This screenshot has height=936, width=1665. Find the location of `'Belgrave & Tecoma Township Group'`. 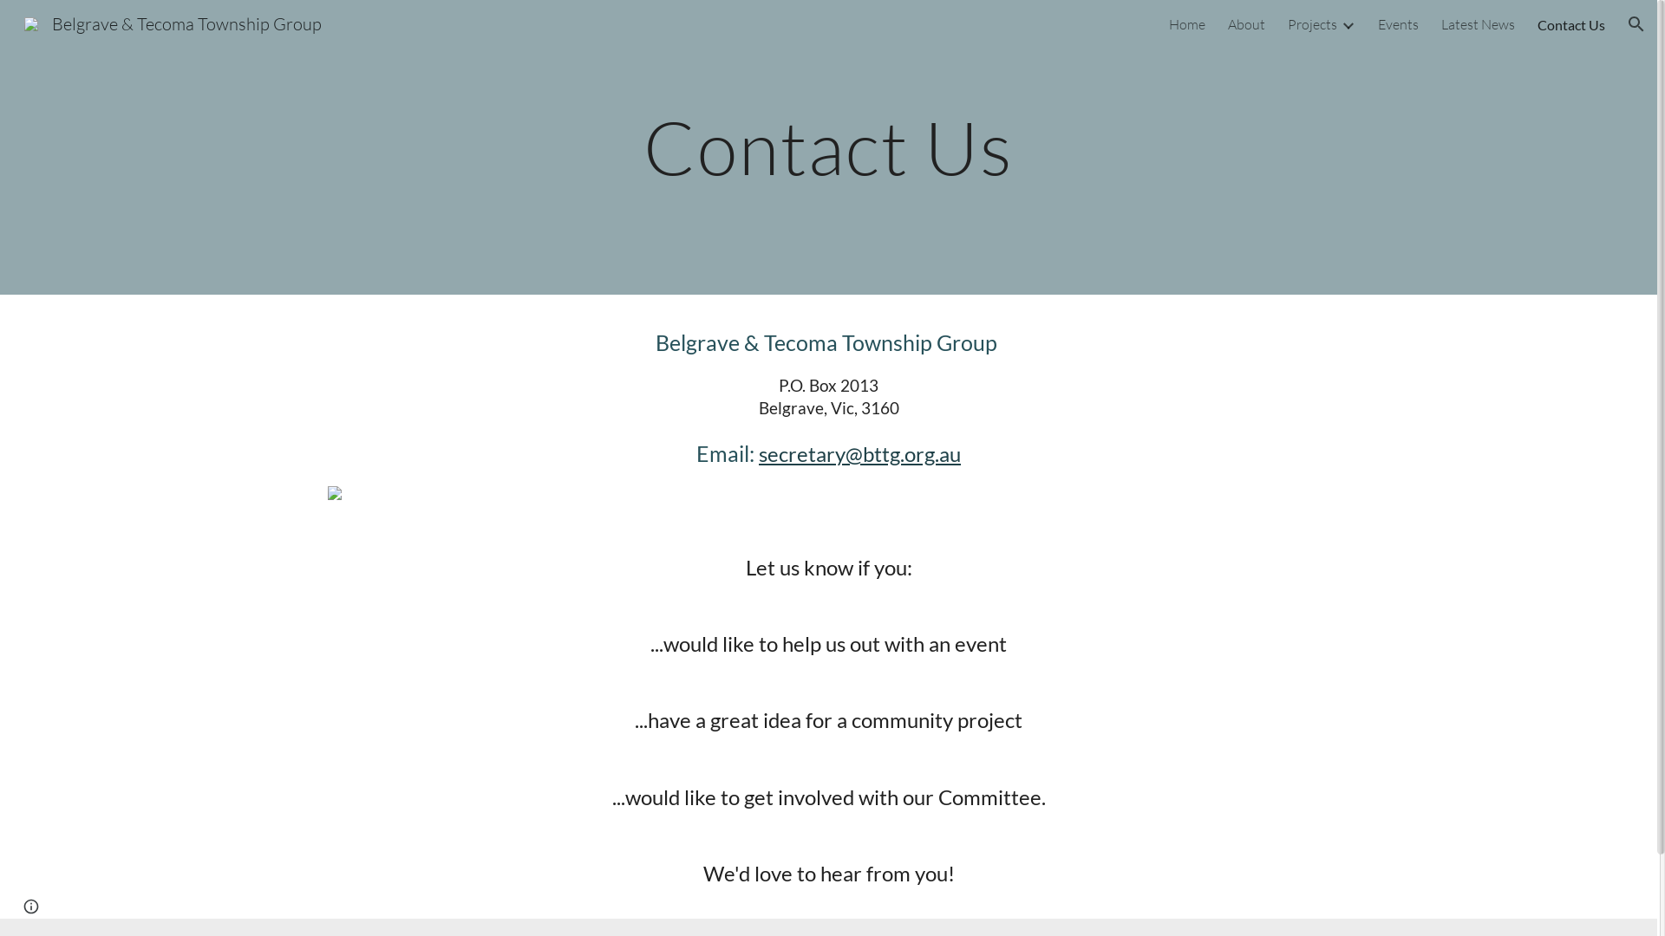

'Belgrave & Tecoma Township Group' is located at coordinates (13, 22).